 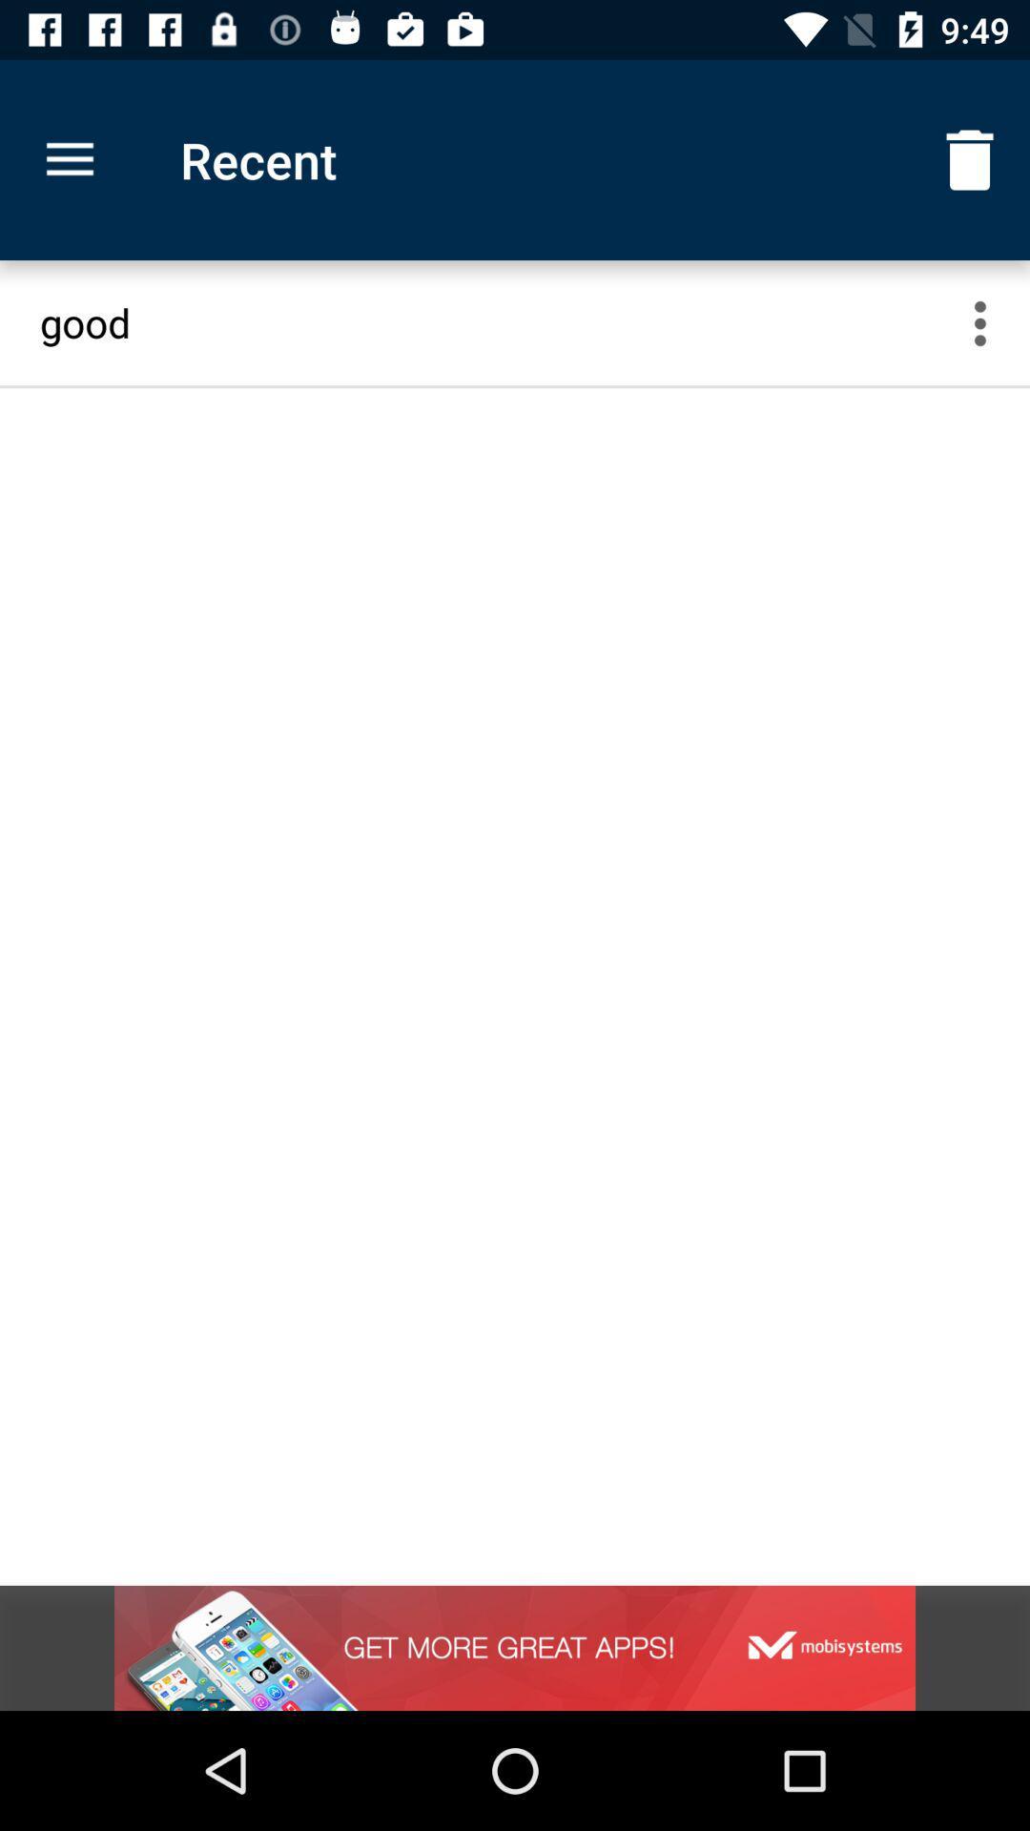 What do you see at coordinates (69, 160) in the screenshot?
I see `item above the good icon` at bounding box center [69, 160].